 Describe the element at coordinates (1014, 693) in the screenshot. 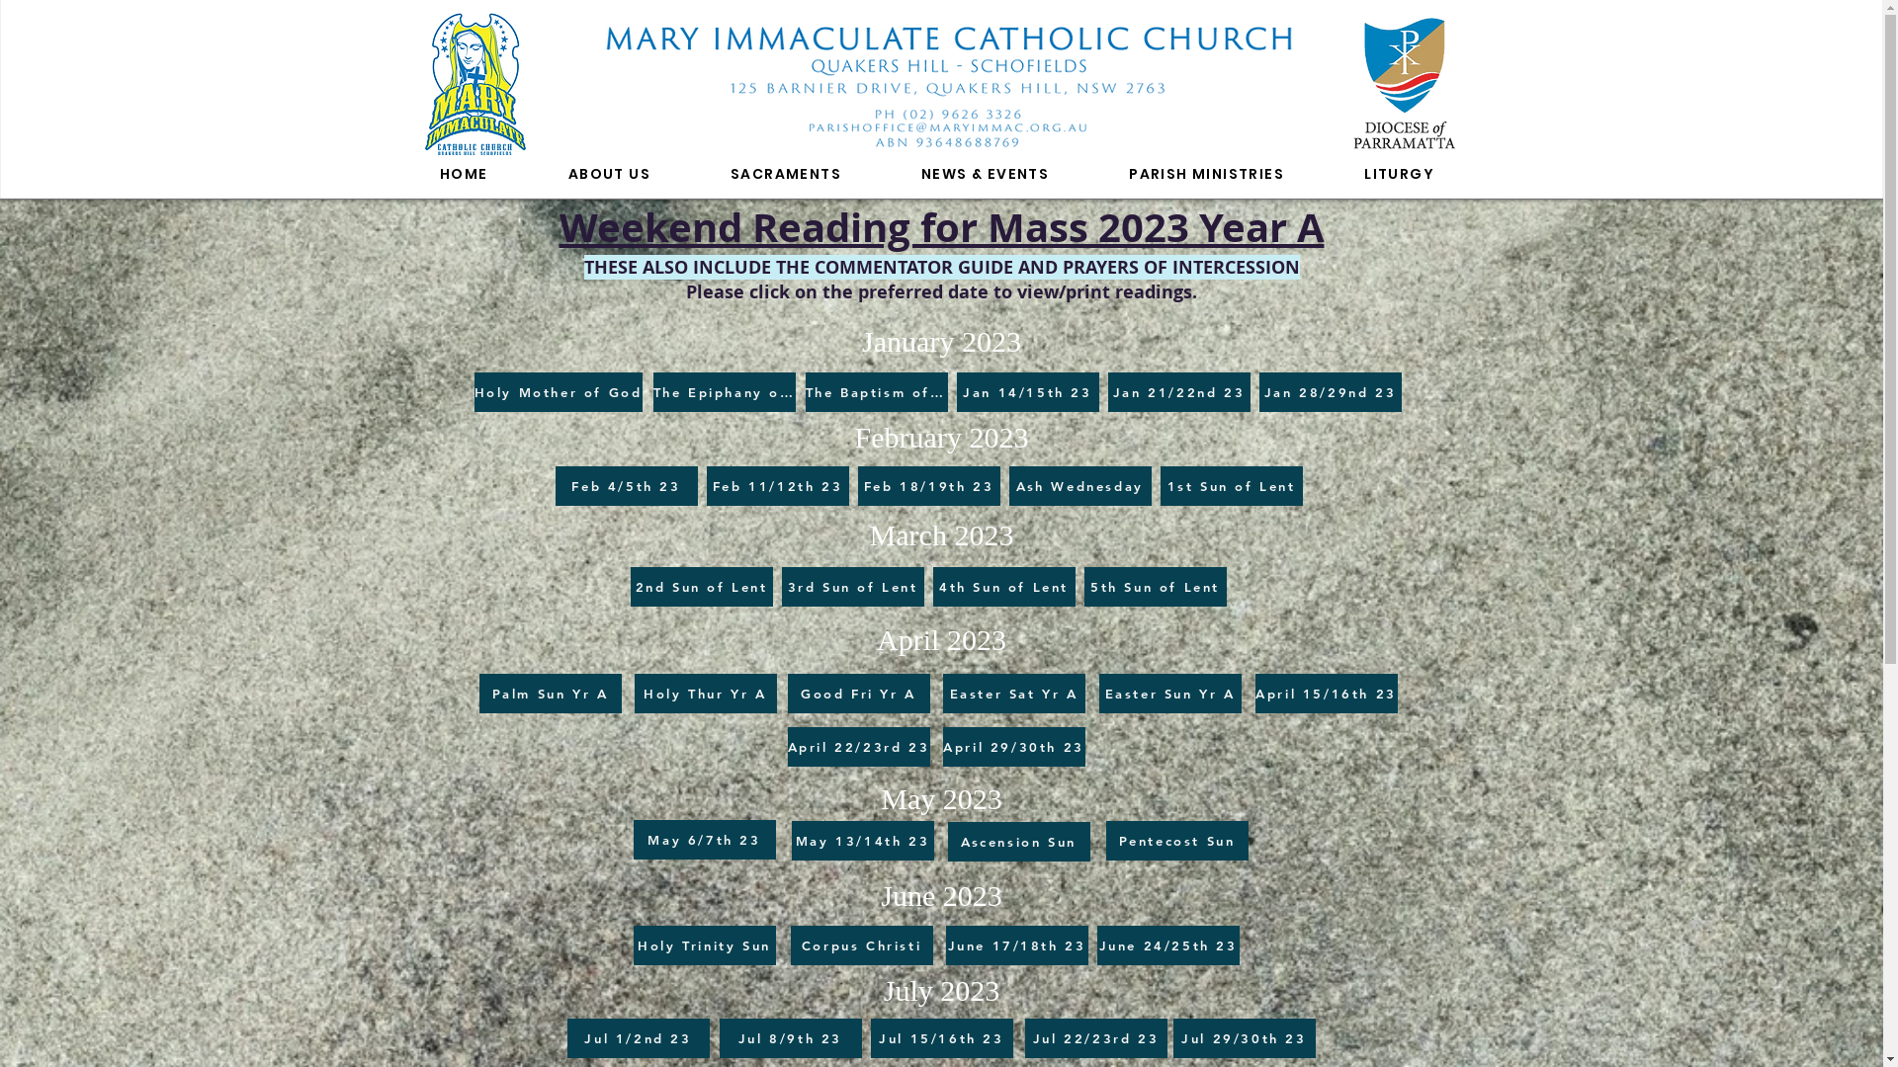

I see `'Easter Sat Yr A'` at that location.